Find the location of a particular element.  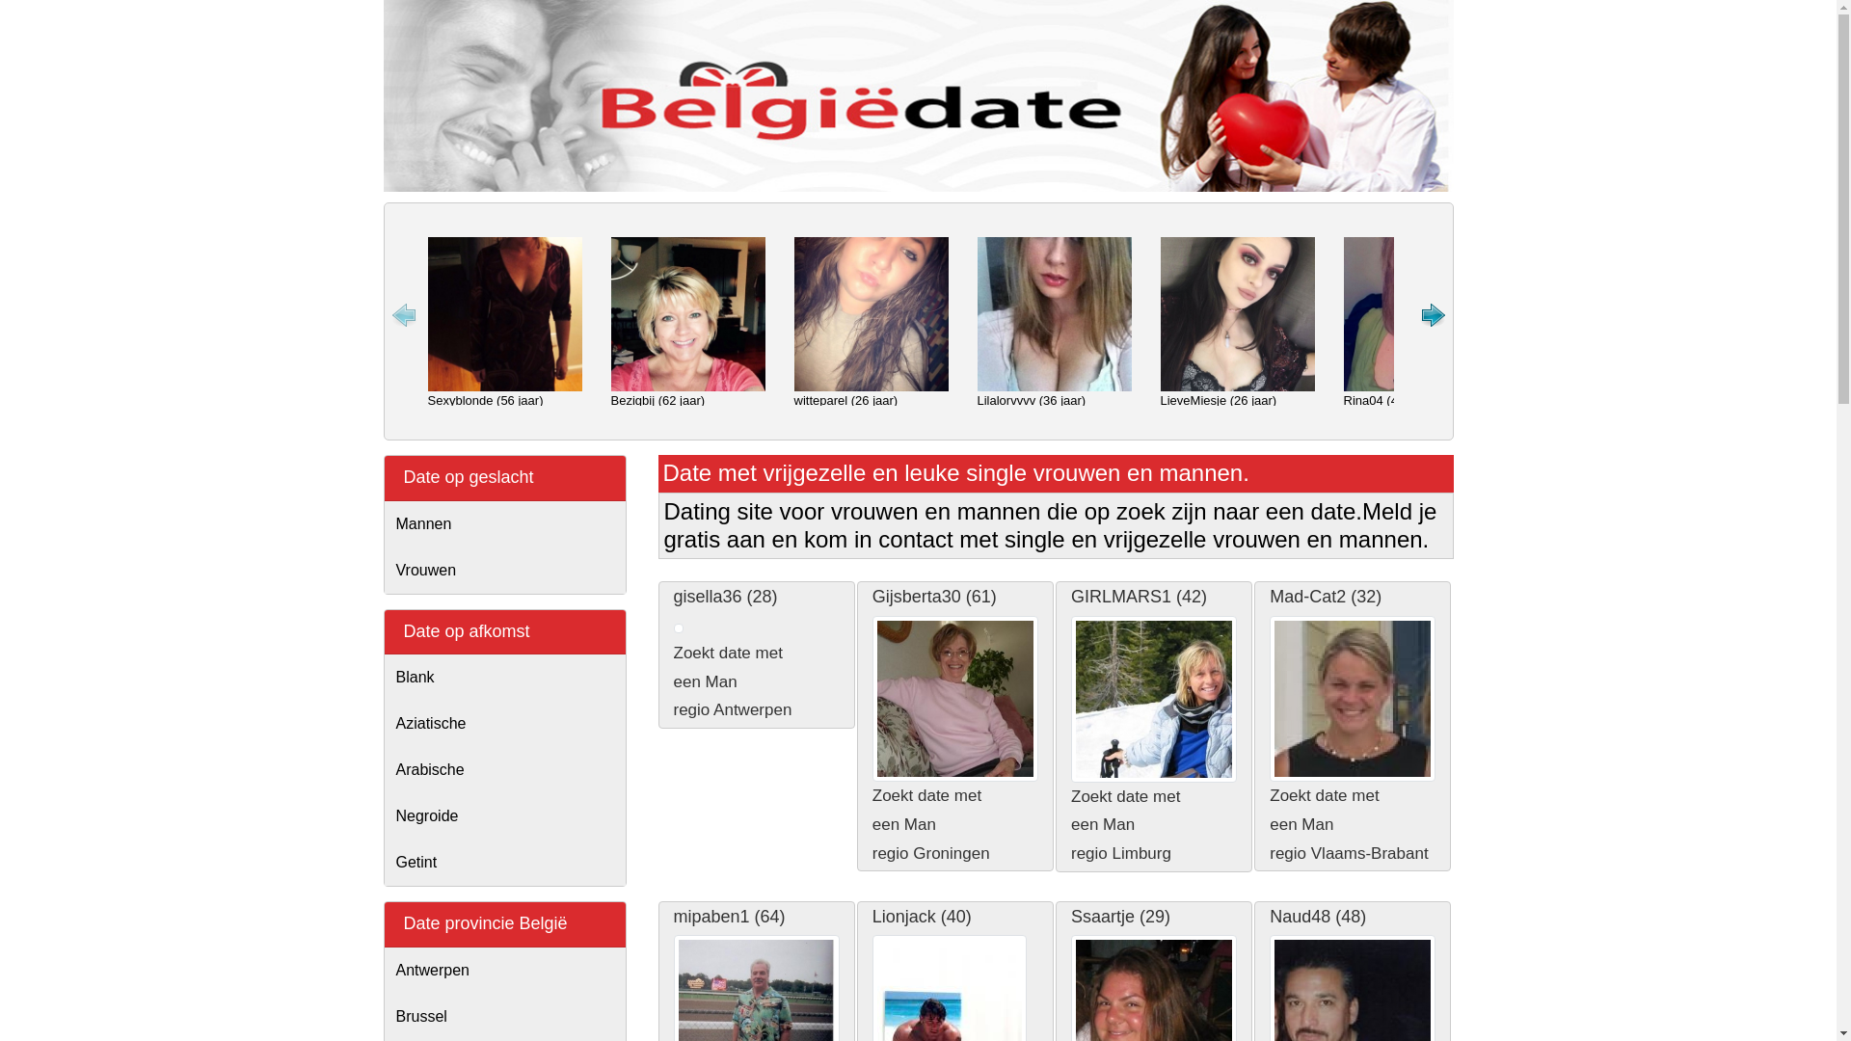

'Brussel' is located at coordinates (504, 1016).